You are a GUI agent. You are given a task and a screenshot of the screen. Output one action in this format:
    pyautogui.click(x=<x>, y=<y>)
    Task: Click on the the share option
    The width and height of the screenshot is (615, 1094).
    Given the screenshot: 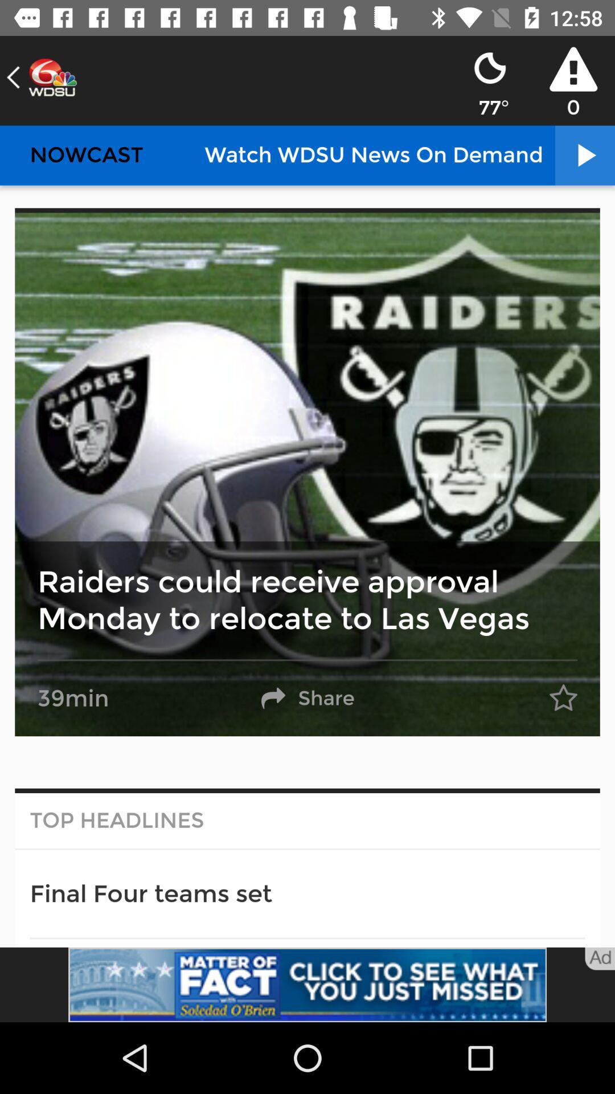 What is the action you would take?
    pyautogui.click(x=307, y=697)
    